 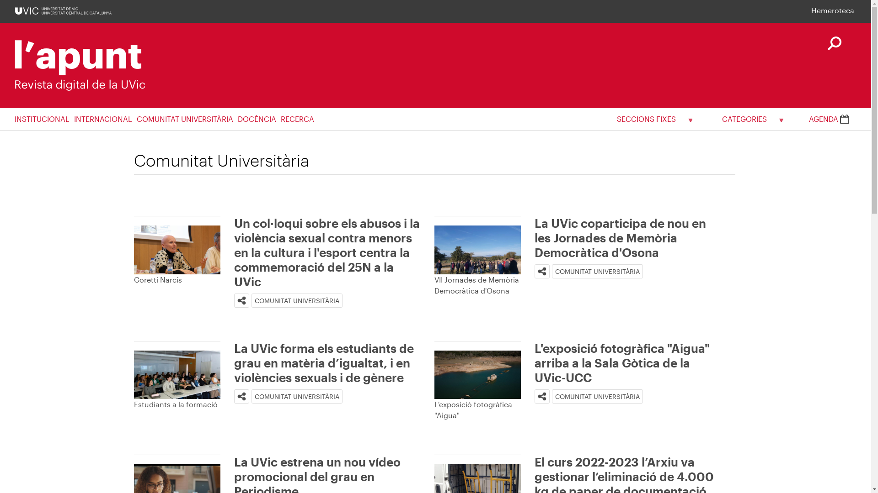 I want to click on 'AGENDA', so click(x=829, y=118).